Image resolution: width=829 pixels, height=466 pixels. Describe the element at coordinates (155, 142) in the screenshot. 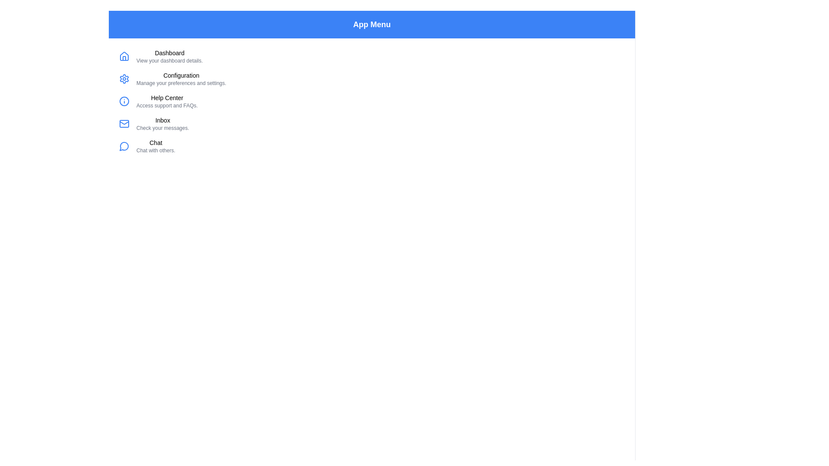

I see `text from the 'Chat' menu label in the application navigation menu, which indicates the purpose of selecting this option` at that location.